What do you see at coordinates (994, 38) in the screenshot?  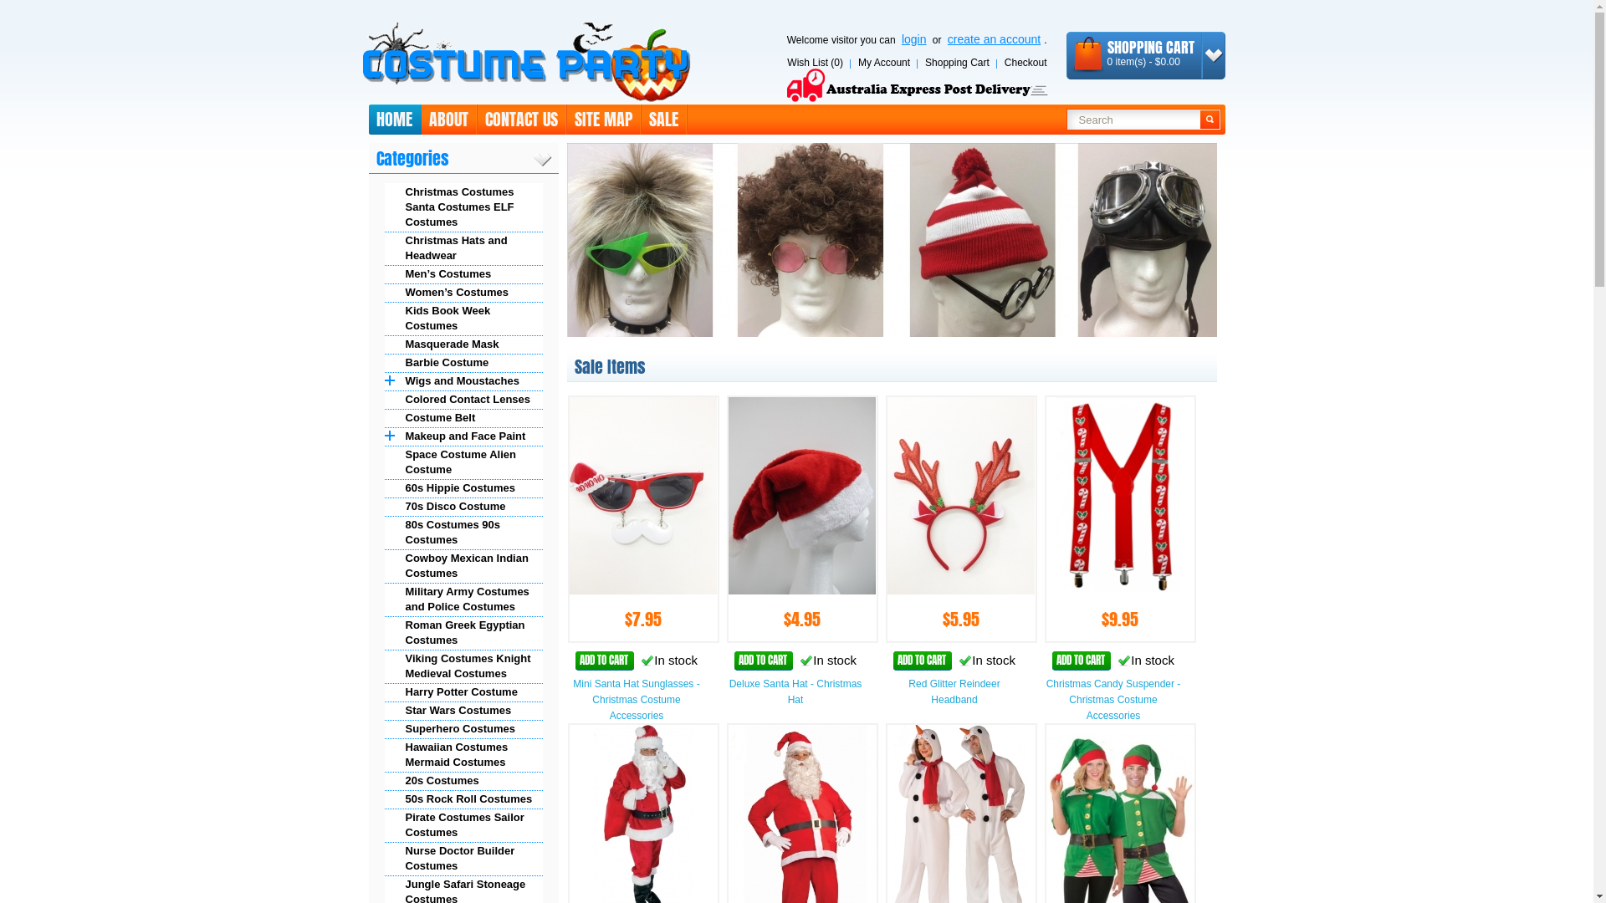 I see `'create an account'` at bounding box center [994, 38].